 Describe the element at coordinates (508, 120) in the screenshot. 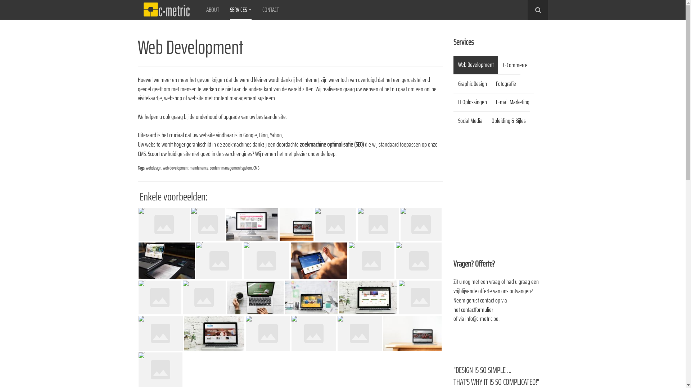

I see `'Opleiding & Bijles'` at that location.